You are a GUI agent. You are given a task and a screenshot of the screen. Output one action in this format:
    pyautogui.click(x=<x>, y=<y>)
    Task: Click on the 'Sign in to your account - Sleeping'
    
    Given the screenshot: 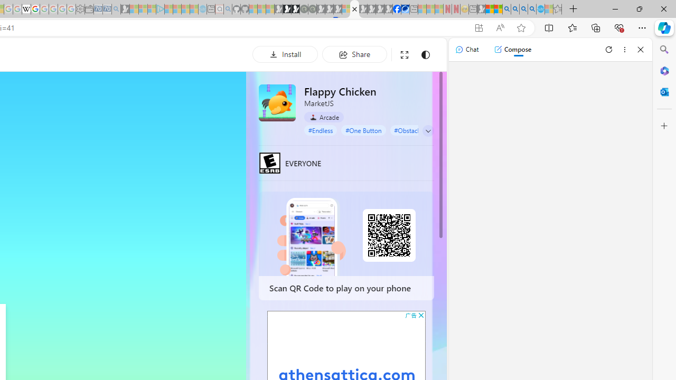 What is the action you would take?
    pyautogui.click(x=346, y=9)
    